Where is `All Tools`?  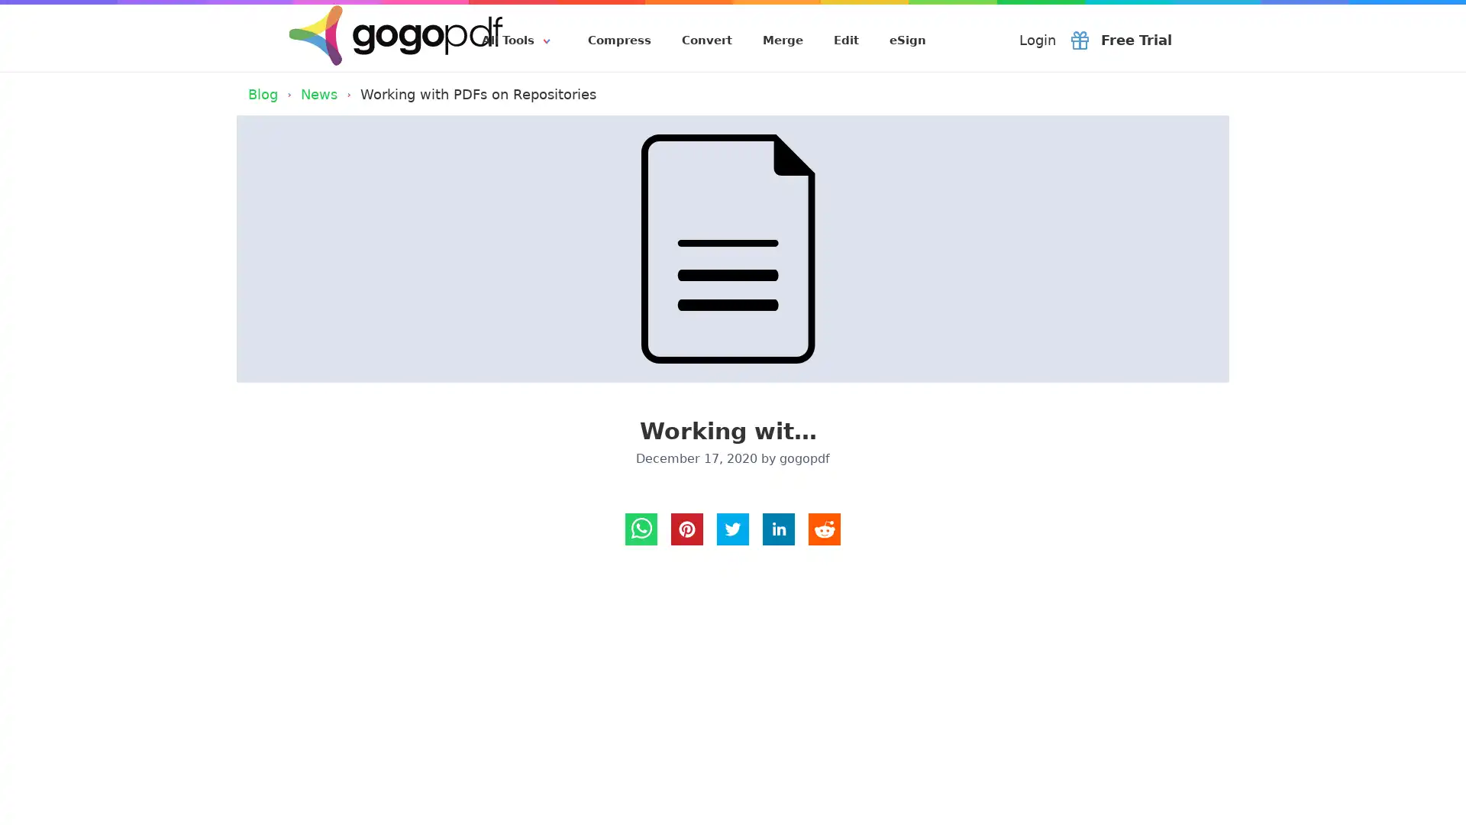 All Tools is located at coordinates (517, 39).